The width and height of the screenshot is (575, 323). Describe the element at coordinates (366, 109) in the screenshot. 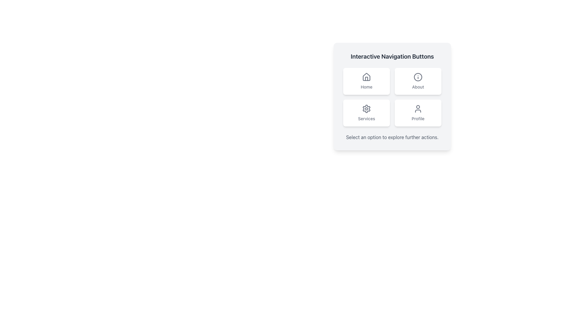

I see `the gear icon, which is centrally located above the 'Services' button in a 2x2 grid of navigation options` at that location.